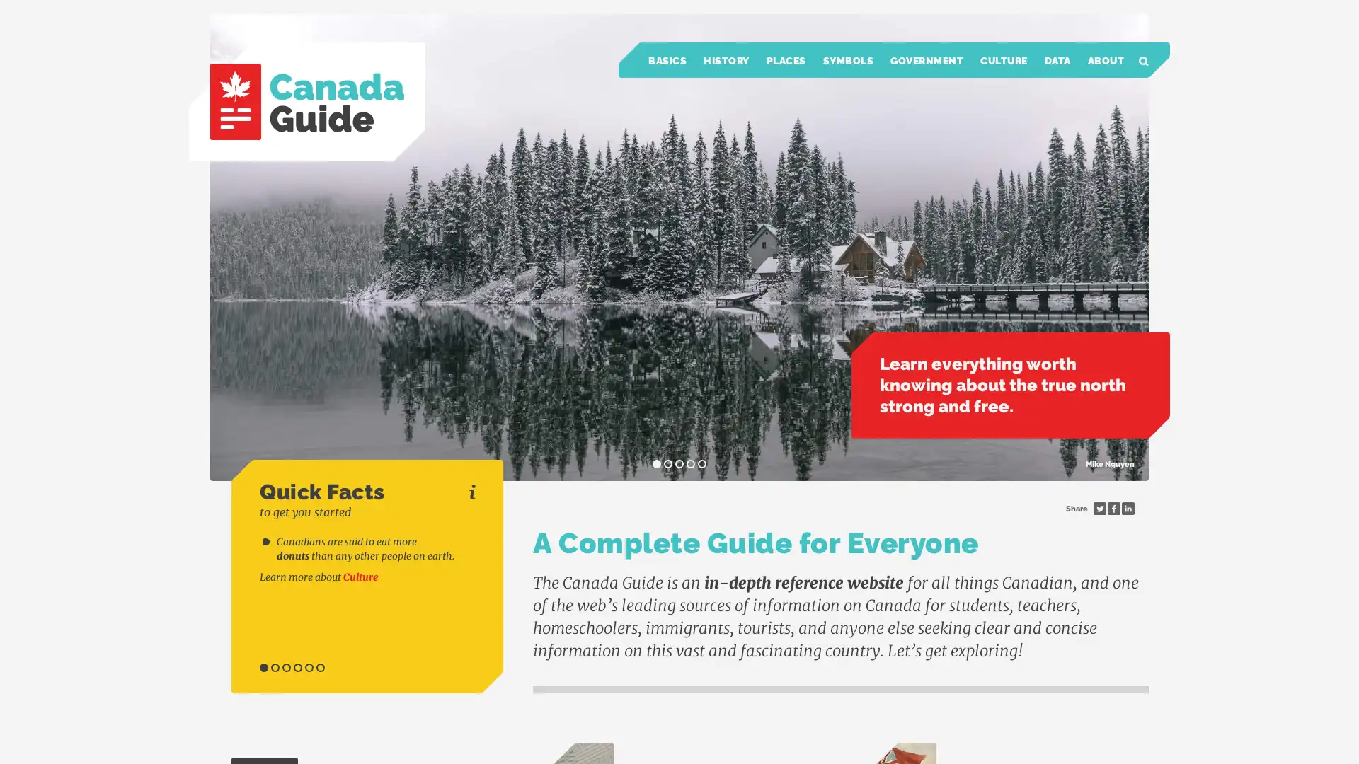 Image resolution: width=1359 pixels, height=764 pixels. What do you see at coordinates (690, 463) in the screenshot?
I see `Go to slide 4` at bounding box center [690, 463].